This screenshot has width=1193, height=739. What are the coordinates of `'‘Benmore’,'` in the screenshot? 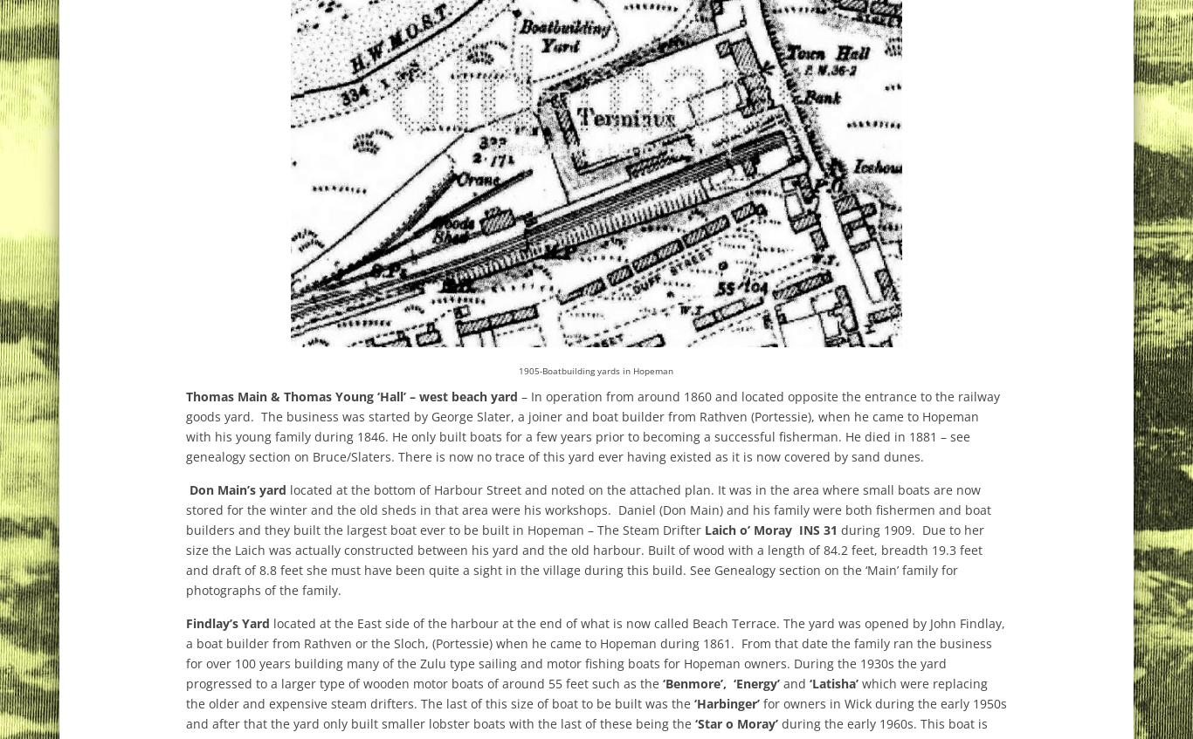 It's located at (695, 682).